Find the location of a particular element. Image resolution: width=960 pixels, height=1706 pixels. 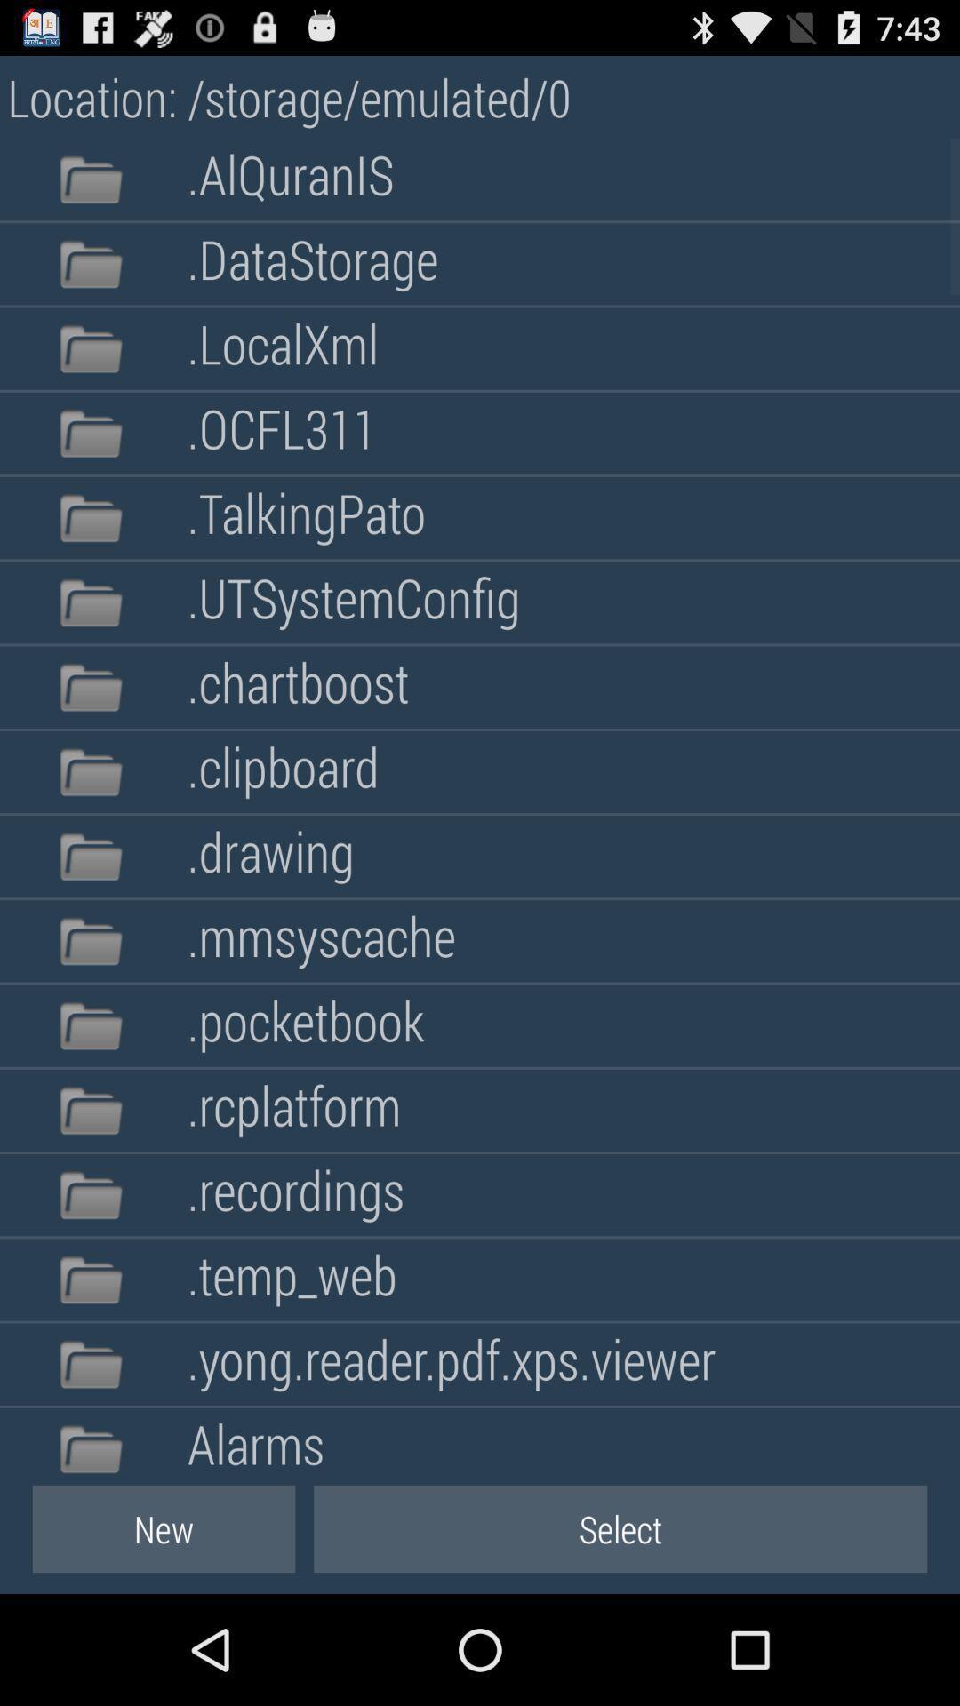

item below alarms icon is located at coordinates (620, 1527).